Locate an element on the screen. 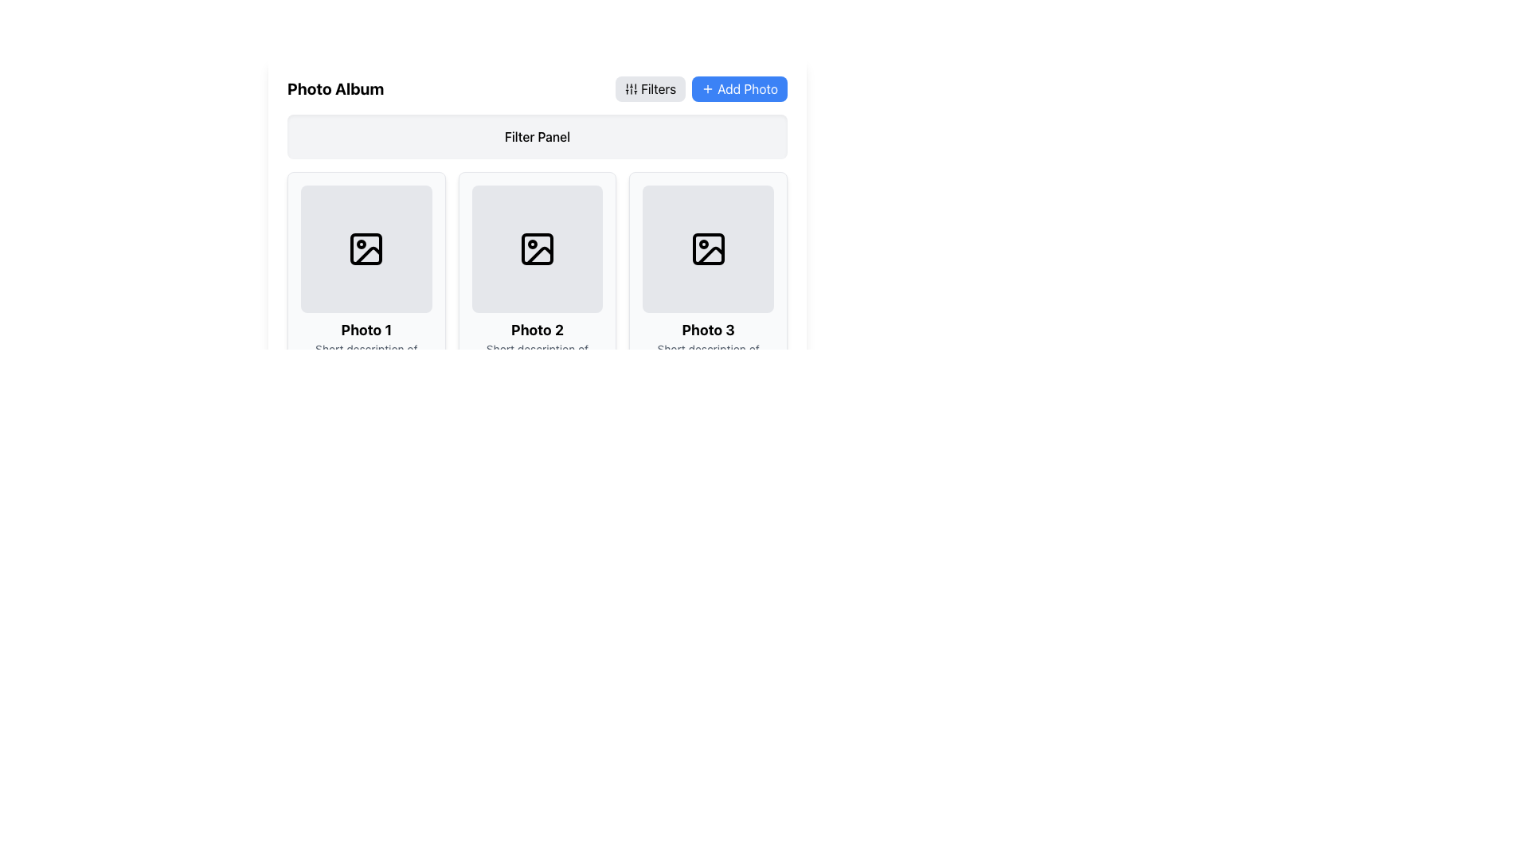 This screenshot has height=860, width=1529. the photo area of the rectangular card with a light gray background and the title 'Photo 3' in the 'Photo Album' section is located at coordinates (707, 279).